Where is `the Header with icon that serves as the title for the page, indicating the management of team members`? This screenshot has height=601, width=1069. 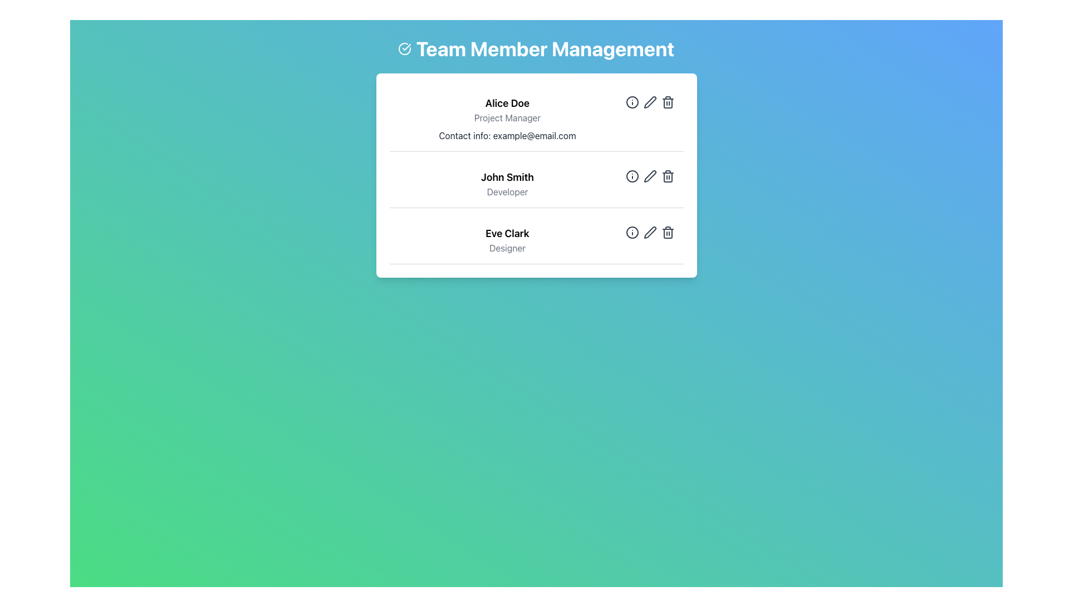
the Header with icon that serves as the title for the page, indicating the management of team members is located at coordinates (536, 48).